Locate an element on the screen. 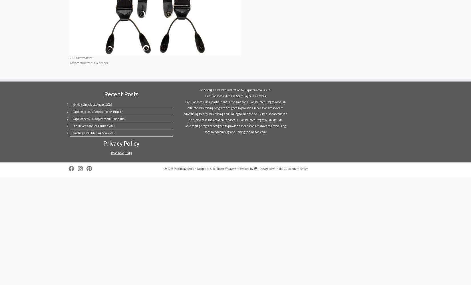 The width and height of the screenshot is (471, 285). 'Customizr theme' is located at coordinates (295, 168).